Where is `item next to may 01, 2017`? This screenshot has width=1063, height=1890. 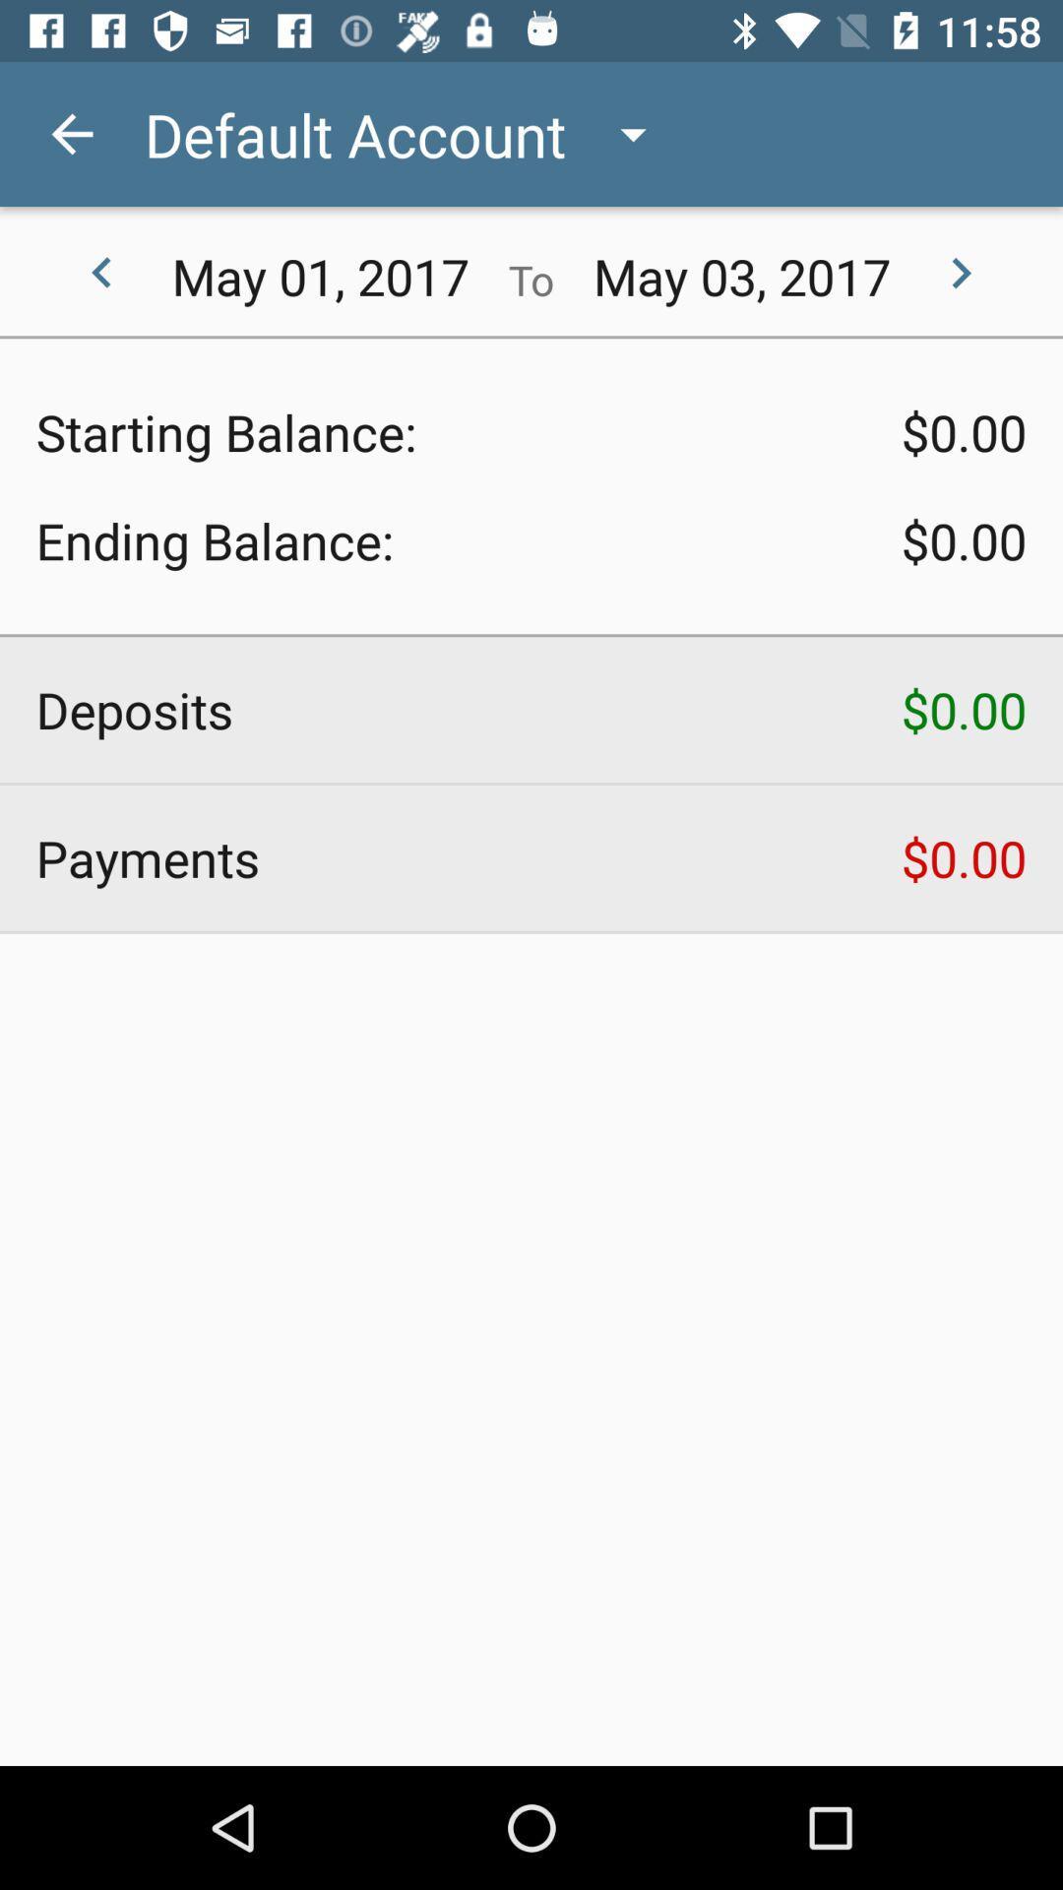 item next to may 01, 2017 is located at coordinates (101, 273).